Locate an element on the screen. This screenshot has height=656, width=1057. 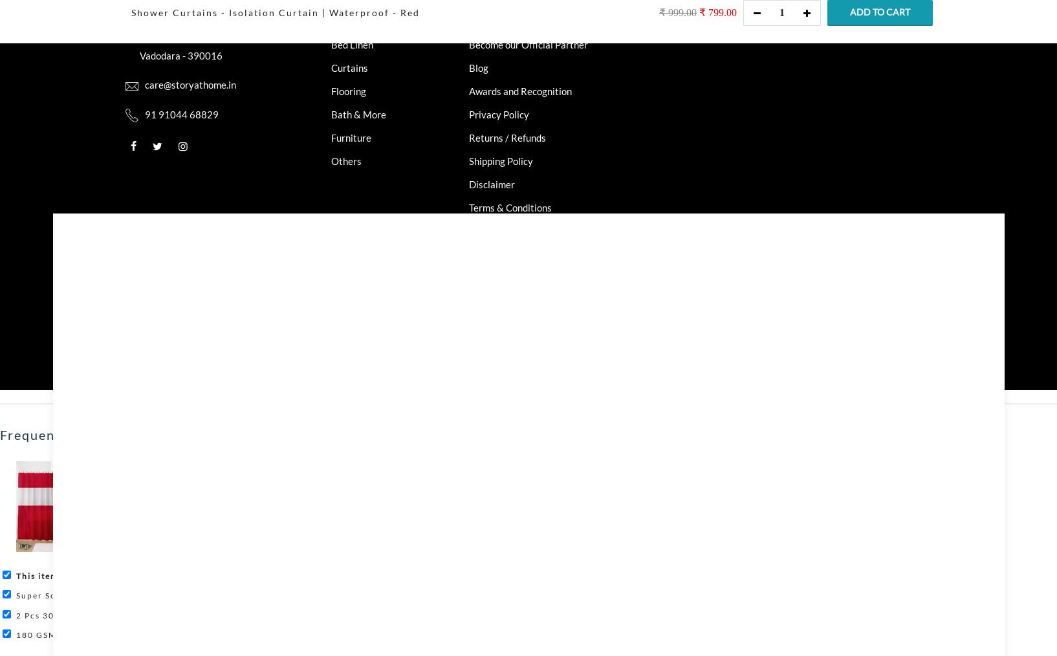
'Terms & Conditions' is located at coordinates (510, 207).